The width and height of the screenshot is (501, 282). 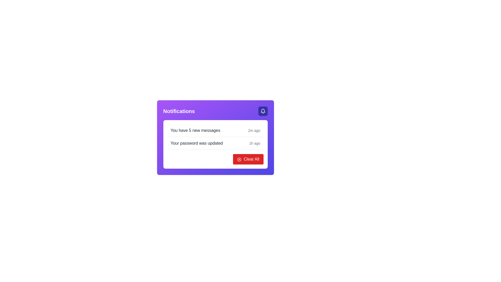 What do you see at coordinates (254, 130) in the screenshot?
I see `the text label displaying '2m ago', which is positioned on the right side of the notification line alongside 'You have 5 new messages'` at bounding box center [254, 130].